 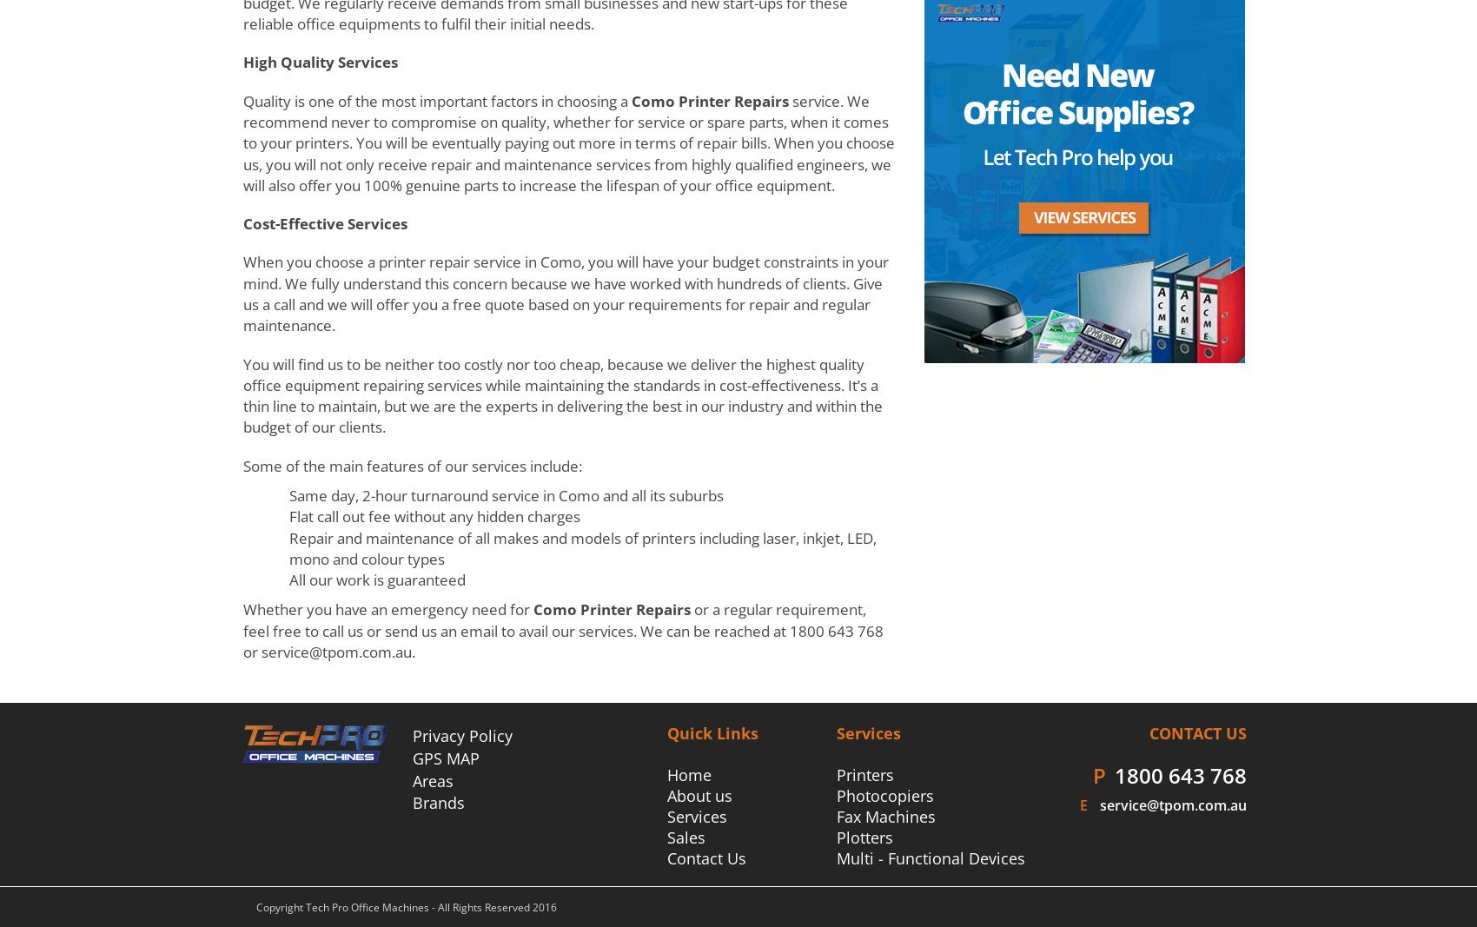 What do you see at coordinates (320, 61) in the screenshot?
I see `'High Quality Services'` at bounding box center [320, 61].